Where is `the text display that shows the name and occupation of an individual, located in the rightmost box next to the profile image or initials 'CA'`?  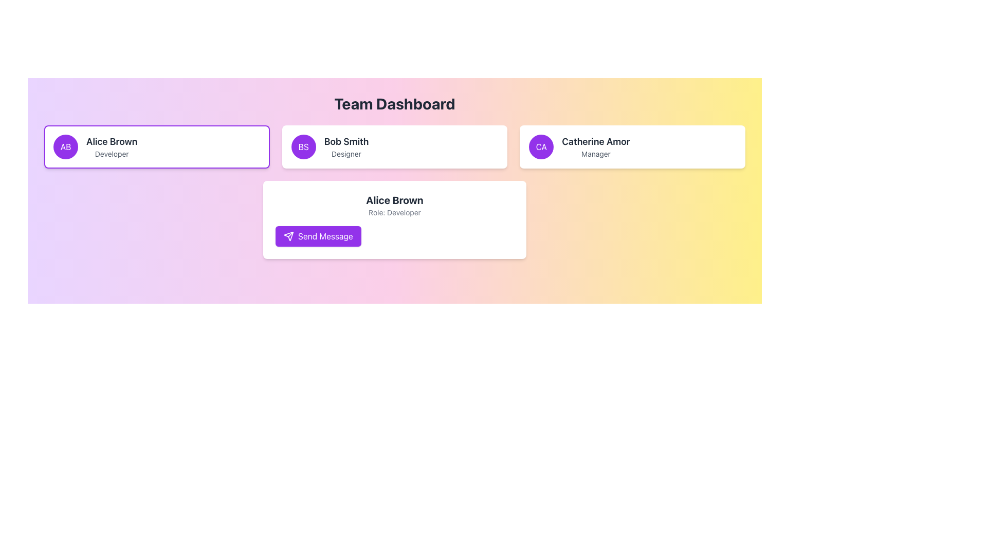
the text display that shows the name and occupation of an individual, located in the rightmost box next to the profile image or initials 'CA' is located at coordinates (596, 146).